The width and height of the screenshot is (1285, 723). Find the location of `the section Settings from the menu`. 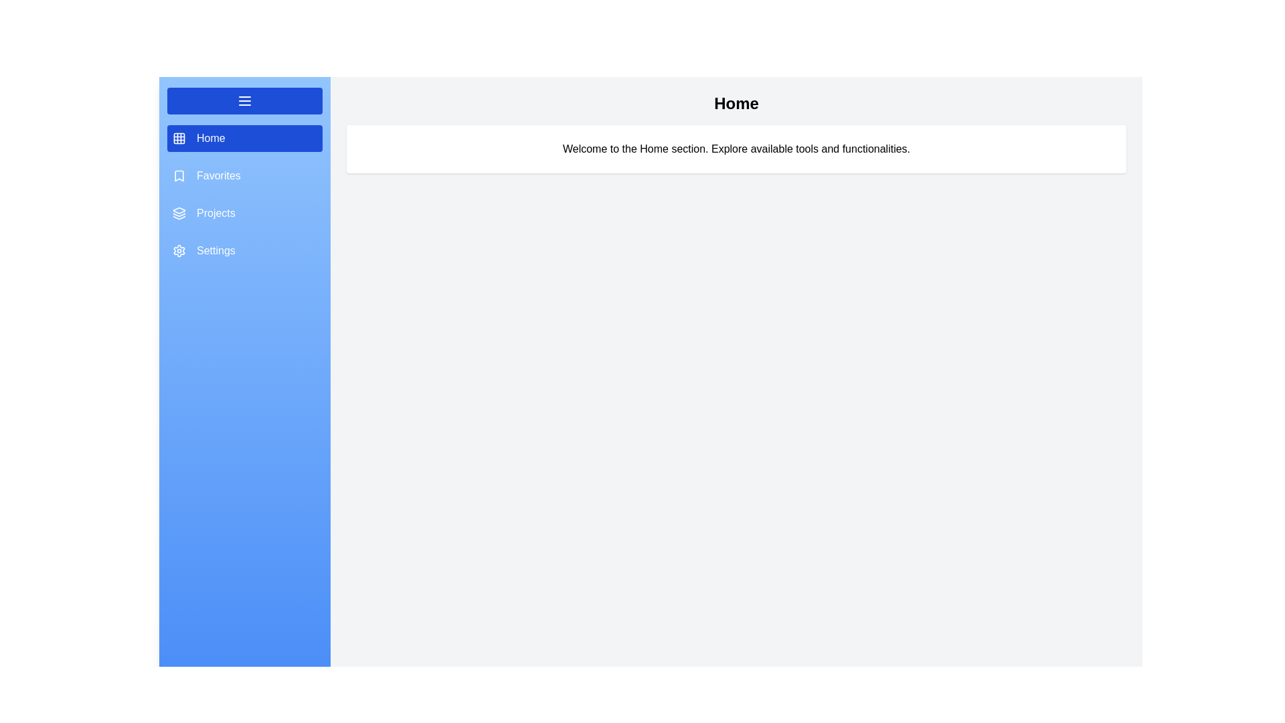

the section Settings from the menu is located at coordinates (244, 250).